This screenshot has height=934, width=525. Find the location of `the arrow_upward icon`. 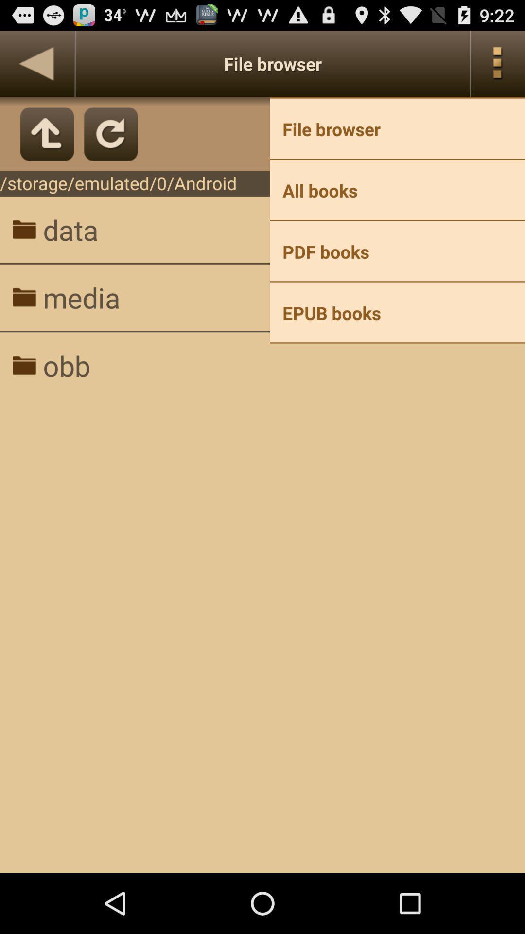

the arrow_upward icon is located at coordinates (47, 143).